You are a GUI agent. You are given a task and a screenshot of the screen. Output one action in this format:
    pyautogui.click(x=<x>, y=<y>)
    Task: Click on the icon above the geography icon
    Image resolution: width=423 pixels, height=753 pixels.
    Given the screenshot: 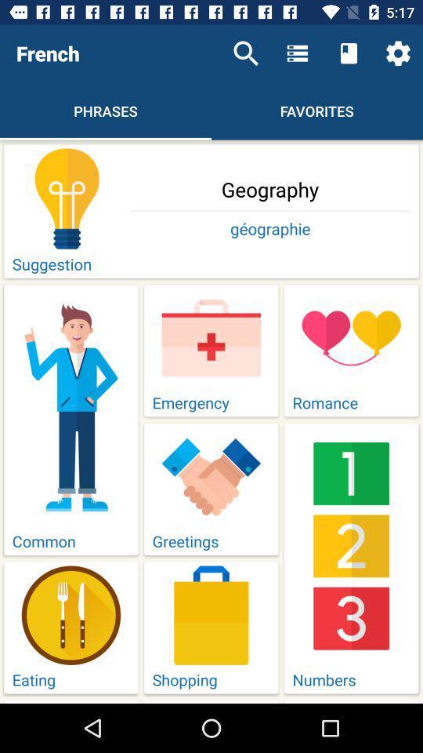 What is the action you would take?
    pyautogui.click(x=398, y=53)
    